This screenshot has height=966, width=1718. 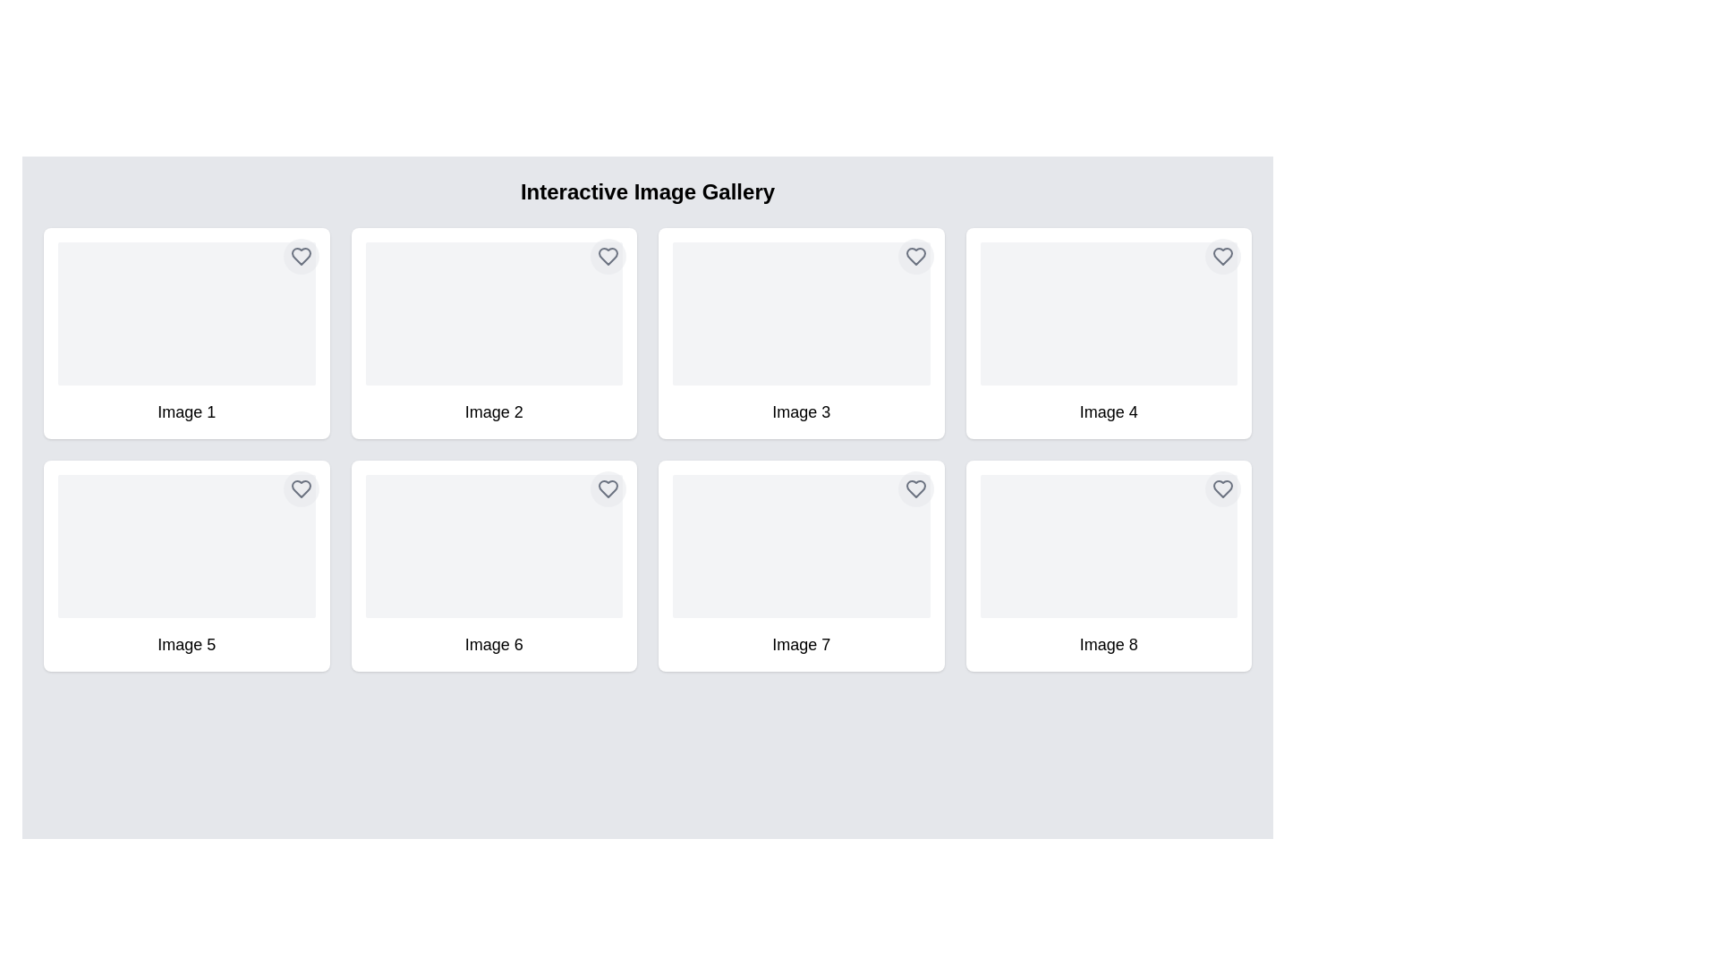 What do you see at coordinates (608, 256) in the screenshot?
I see `the favorite icon button located in the top-right corner of the card labeled 'Image 2' to mark the associated image as a favorite` at bounding box center [608, 256].